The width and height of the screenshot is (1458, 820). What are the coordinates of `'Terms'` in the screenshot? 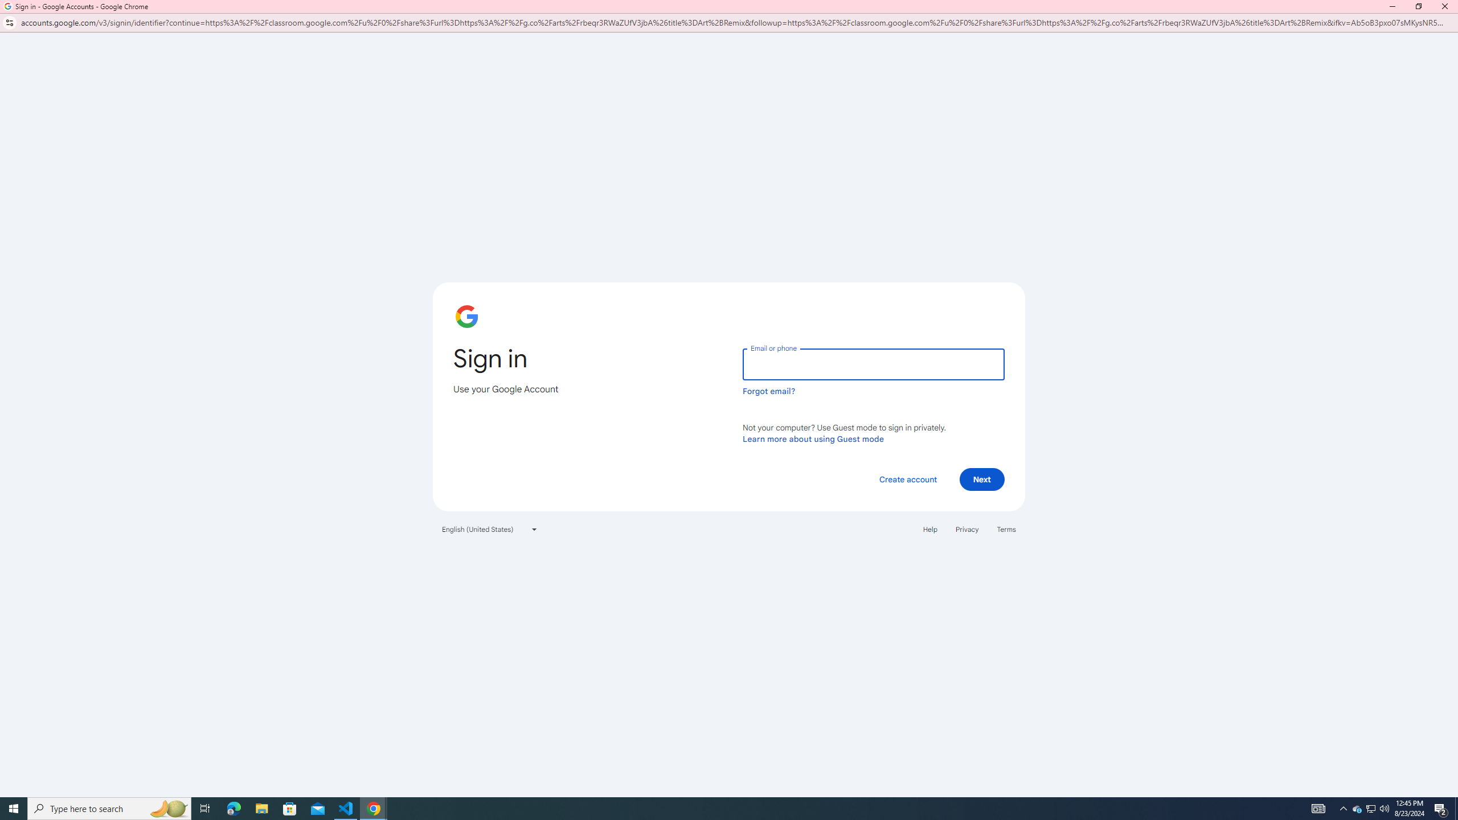 It's located at (1006, 530).